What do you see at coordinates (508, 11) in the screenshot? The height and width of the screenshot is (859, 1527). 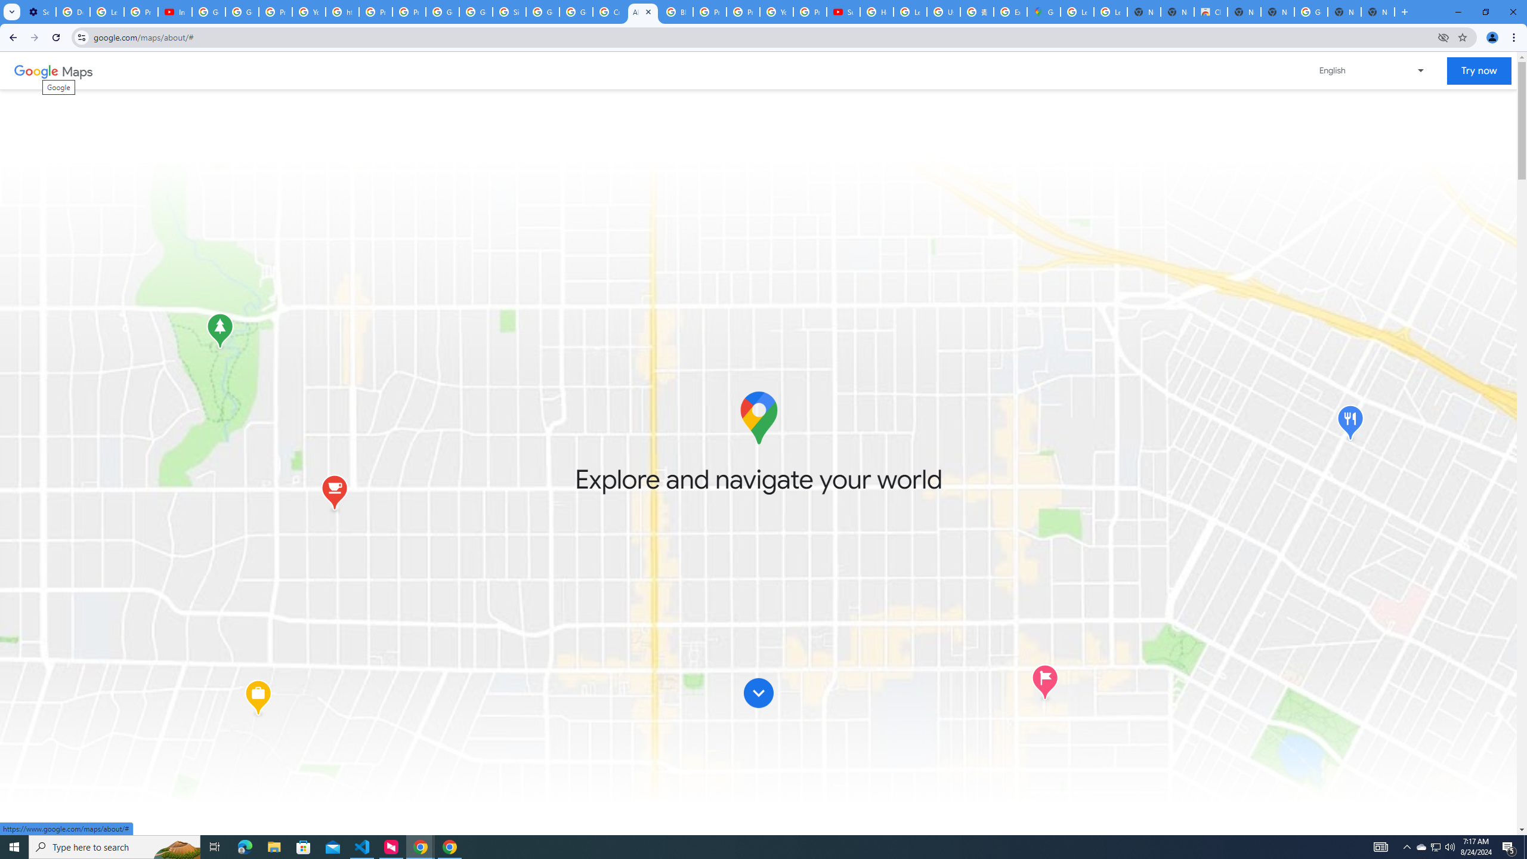 I see `'Sign in - Google Accounts'` at bounding box center [508, 11].